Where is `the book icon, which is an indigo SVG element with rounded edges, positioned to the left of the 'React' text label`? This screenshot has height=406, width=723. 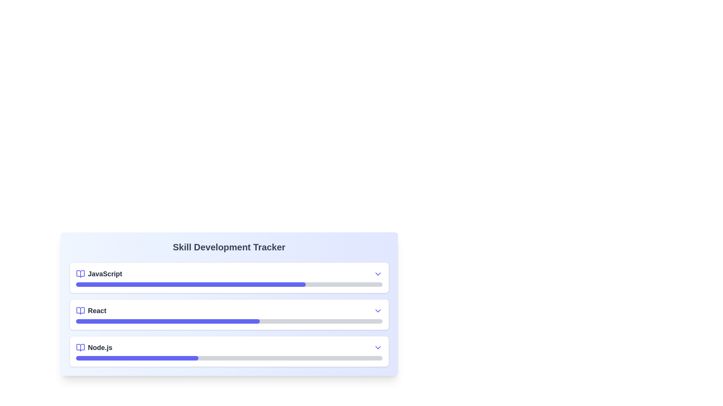 the book icon, which is an indigo SVG element with rounded edges, positioned to the left of the 'React' text label is located at coordinates (80, 311).